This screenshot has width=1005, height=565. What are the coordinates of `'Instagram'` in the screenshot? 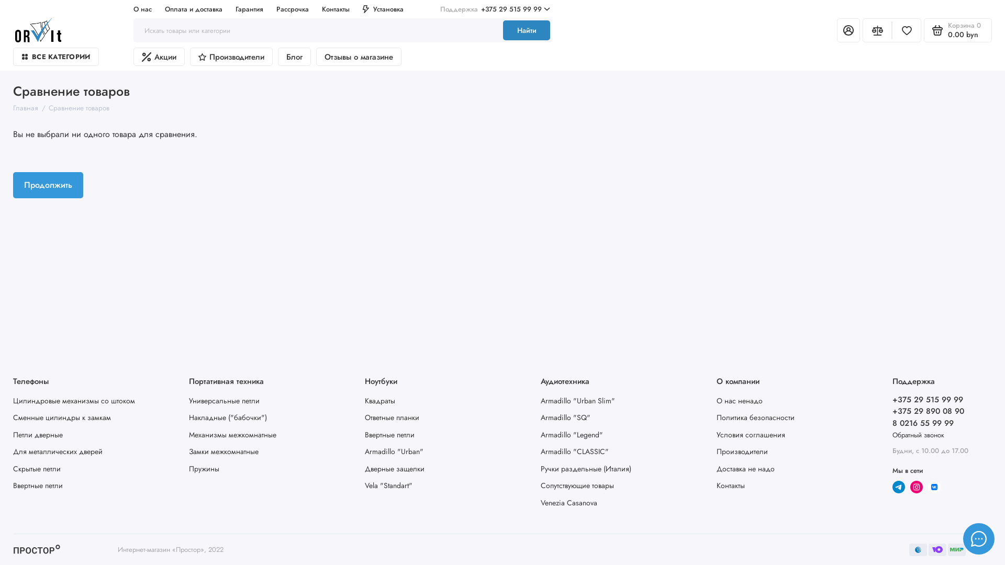 It's located at (916, 487).